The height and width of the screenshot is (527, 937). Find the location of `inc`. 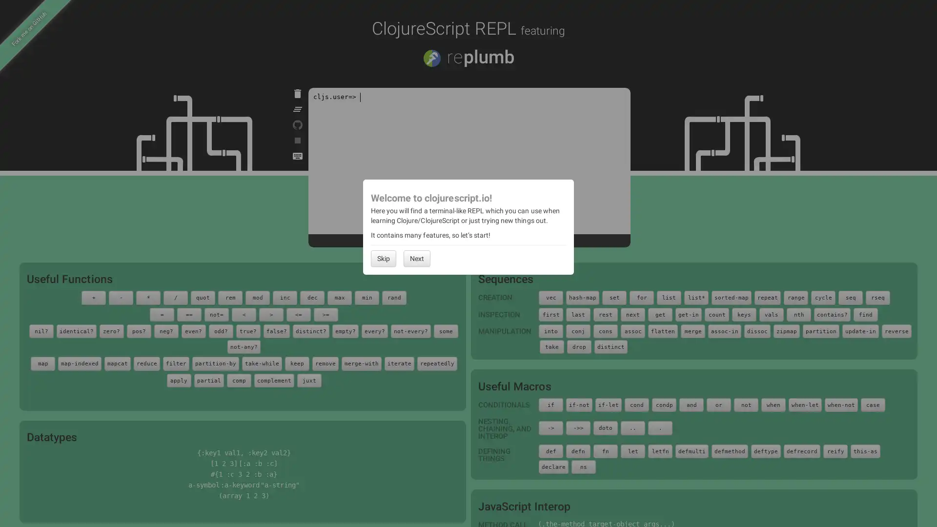

inc is located at coordinates (285, 297).